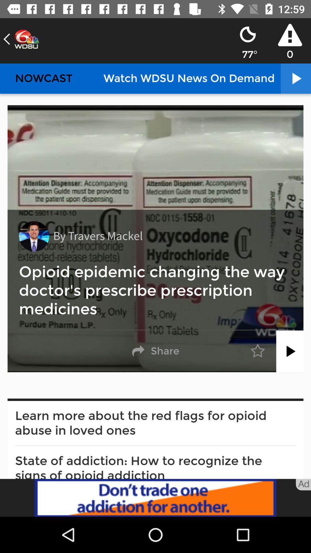 Image resolution: width=311 pixels, height=553 pixels. Describe the element at coordinates (290, 351) in the screenshot. I see `video` at that location.